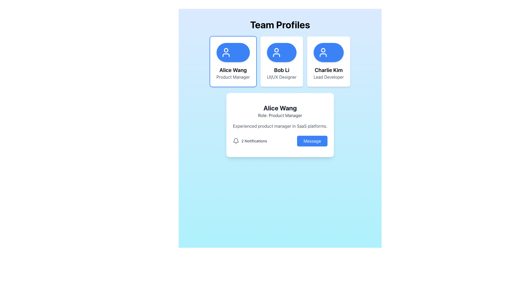 This screenshot has width=512, height=288. Describe the element at coordinates (281, 77) in the screenshot. I see `the text element displaying the role 'UI/UX Designer', which is located beneath the name 'Bob Li' in the middle card of the 'Team Profiles' section` at that location.